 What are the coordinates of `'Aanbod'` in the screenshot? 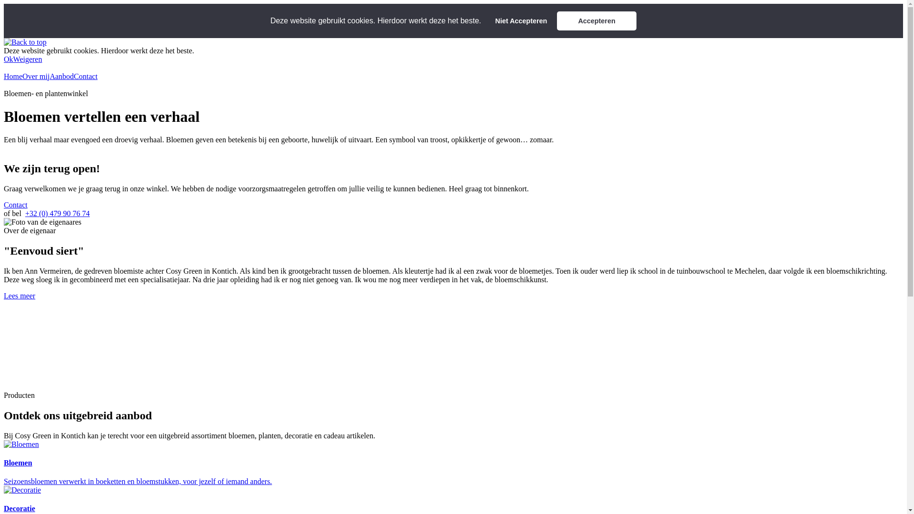 It's located at (61, 76).